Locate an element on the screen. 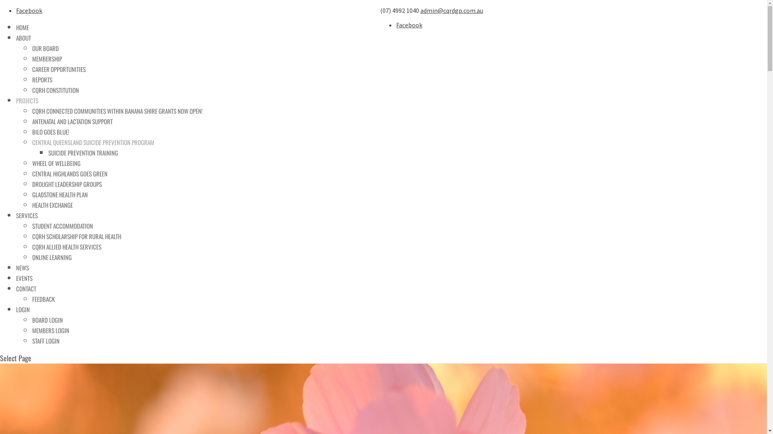 This screenshot has width=773, height=434. 'WHEEL OF WELLBEING' is located at coordinates (56, 163).